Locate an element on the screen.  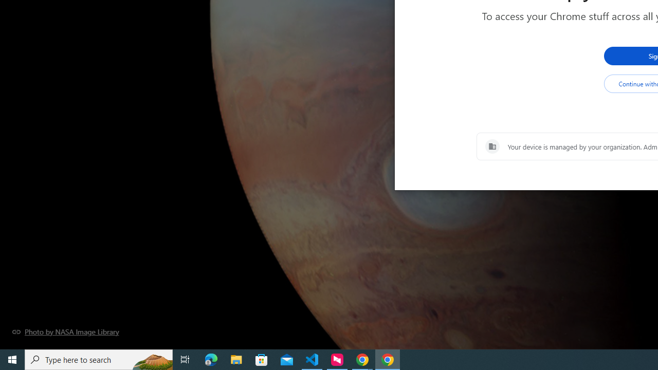
'Start' is located at coordinates (12, 359).